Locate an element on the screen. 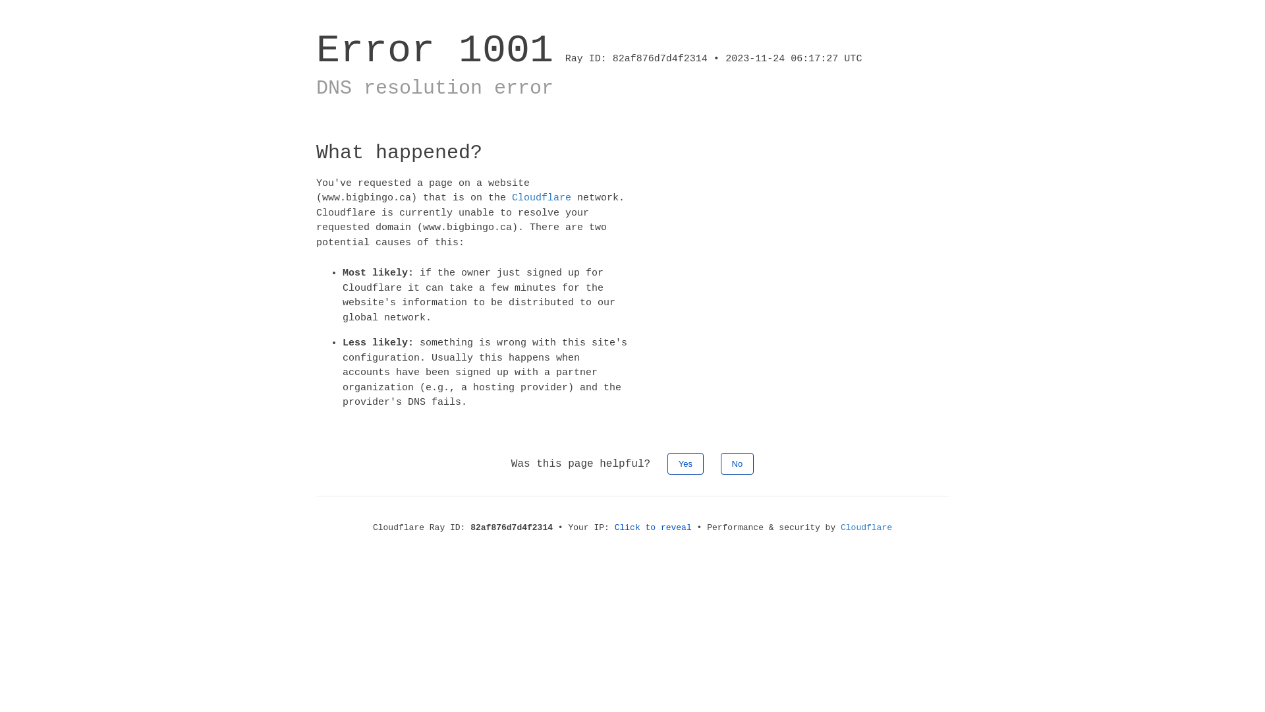 The image size is (1265, 712). 'Click to reveal' is located at coordinates (653, 526).